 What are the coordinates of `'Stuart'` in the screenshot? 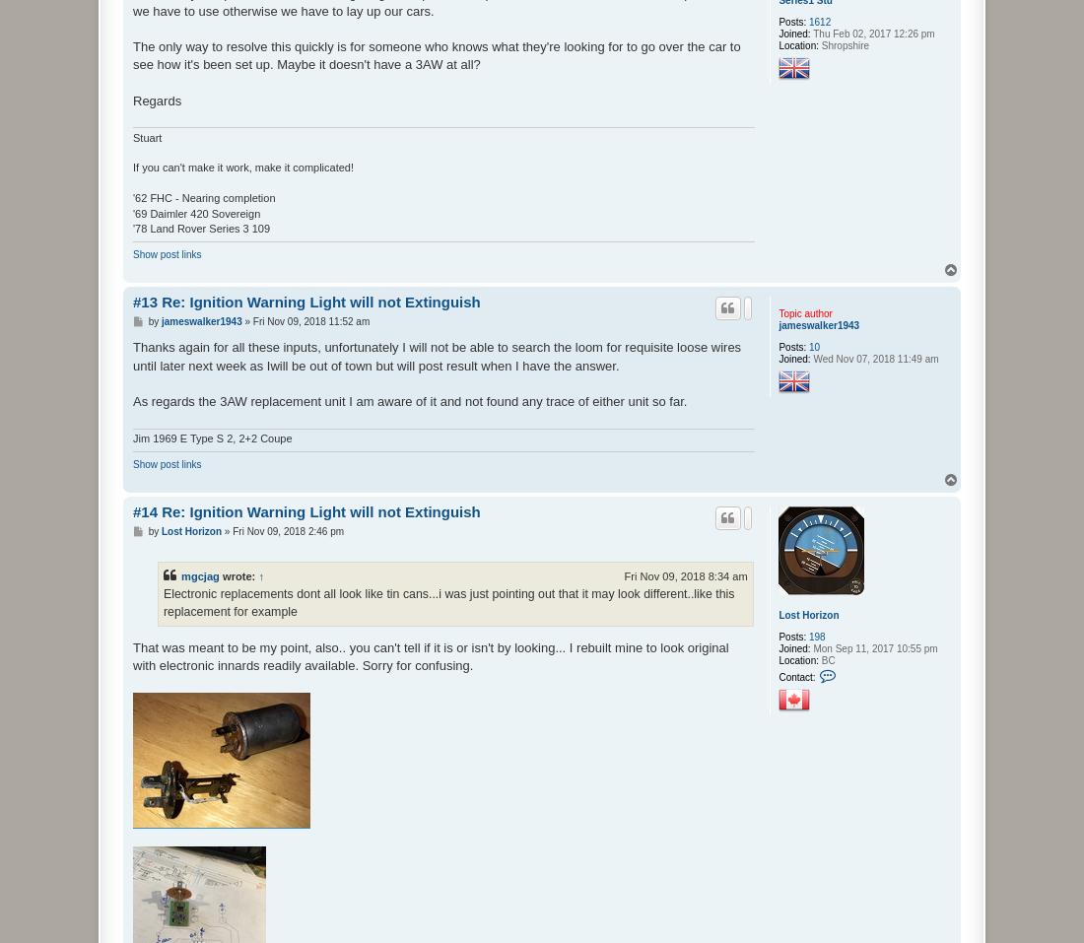 It's located at (146, 136).